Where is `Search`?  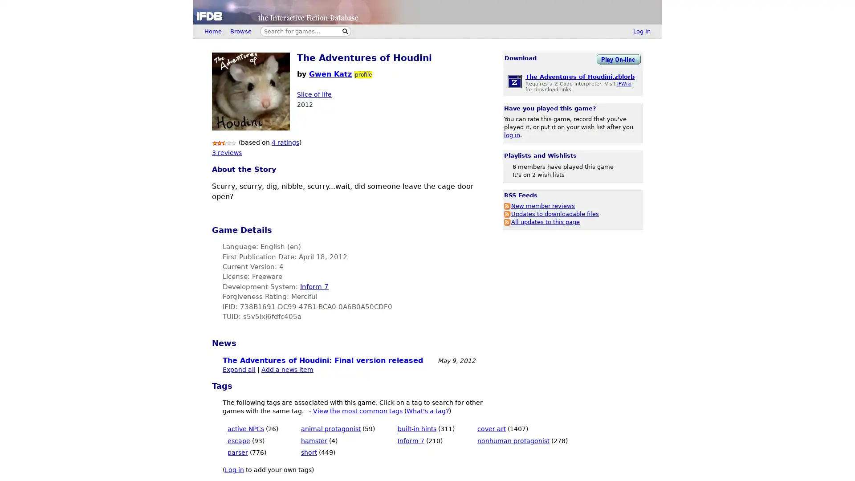 Search is located at coordinates (345, 30).